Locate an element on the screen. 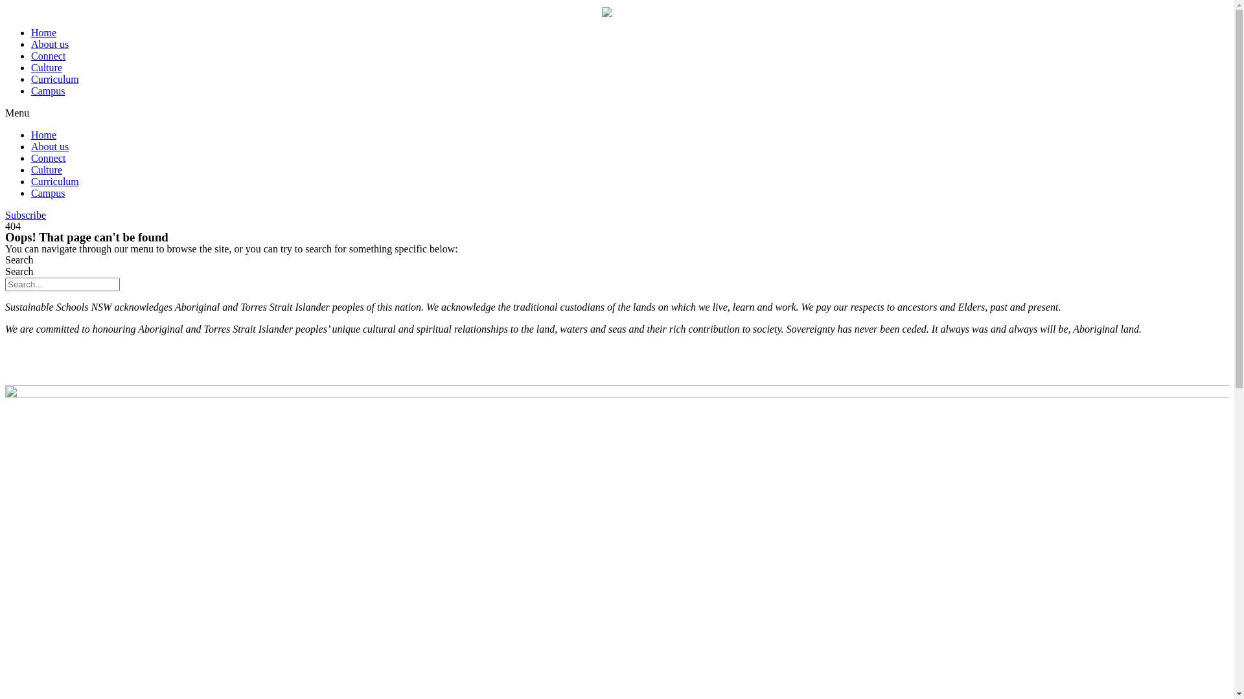 This screenshot has width=1244, height=699. 'Skip to content' is located at coordinates (5, 5).